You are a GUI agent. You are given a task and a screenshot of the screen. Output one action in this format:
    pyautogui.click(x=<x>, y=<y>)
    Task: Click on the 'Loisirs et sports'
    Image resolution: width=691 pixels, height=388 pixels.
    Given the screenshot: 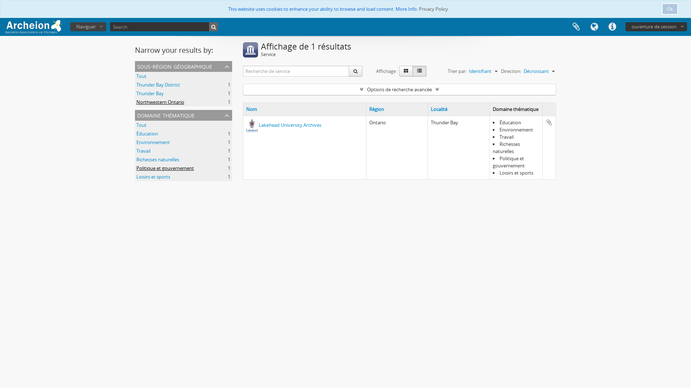 What is the action you would take?
    pyautogui.click(x=153, y=177)
    